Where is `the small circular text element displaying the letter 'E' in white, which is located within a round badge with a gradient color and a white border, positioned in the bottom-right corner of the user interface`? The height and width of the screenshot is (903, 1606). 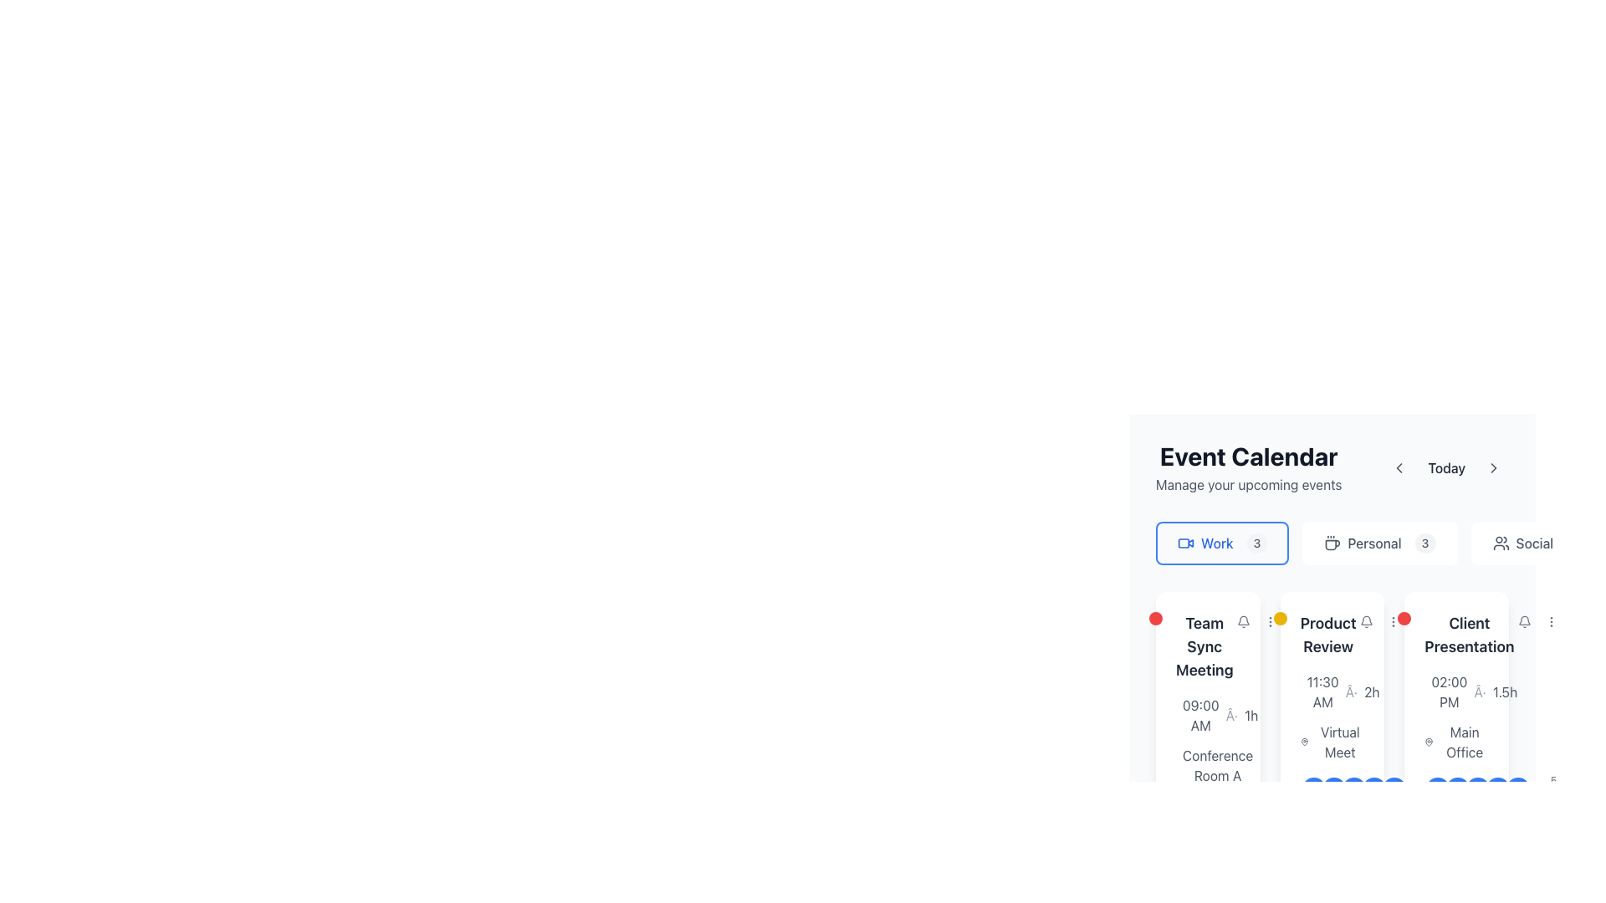 the small circular text element displaying the letter 'E' in white, which is located within a round badge with a gradient color and a white border, positioned in the bottom-right corner of the user interface is located at coordinates (1518, 789).